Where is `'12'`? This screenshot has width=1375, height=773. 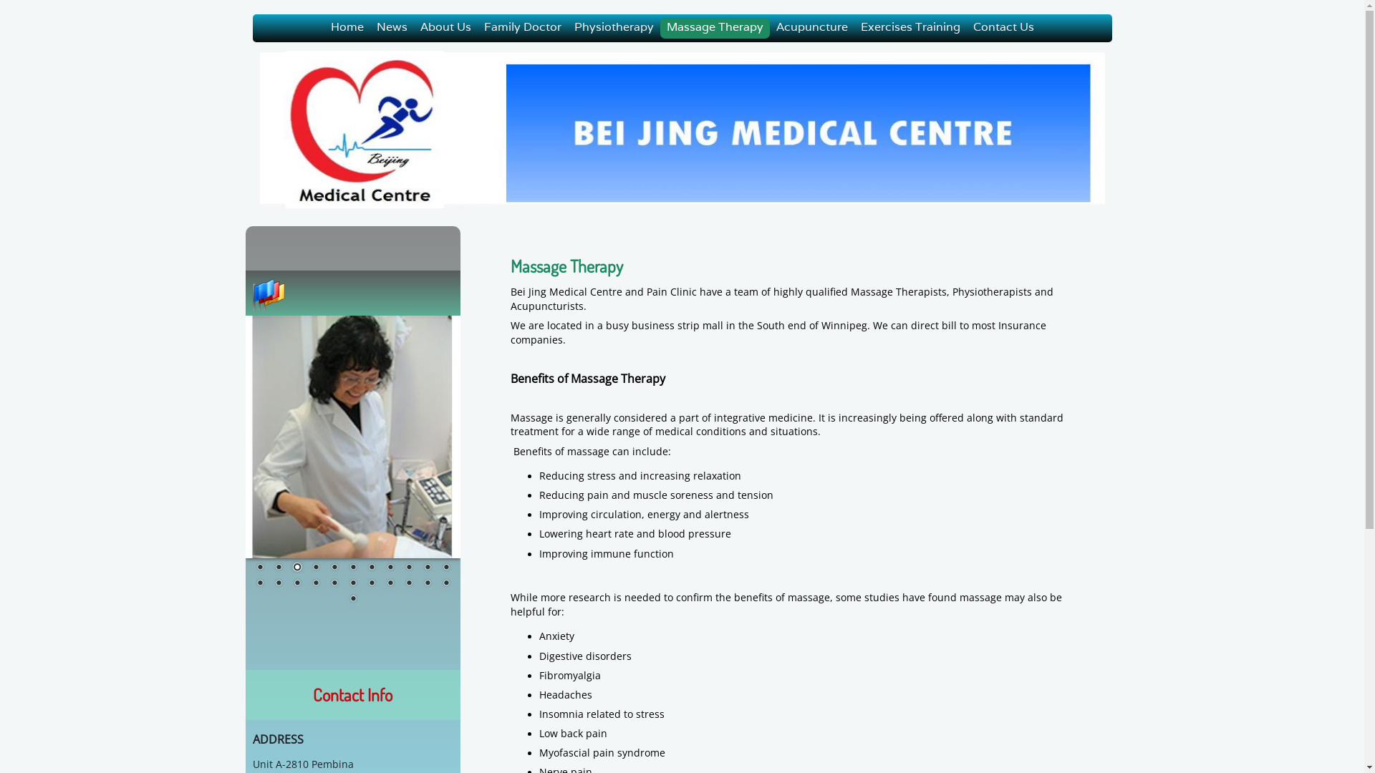
'12' is located at coordinates (251, 584).